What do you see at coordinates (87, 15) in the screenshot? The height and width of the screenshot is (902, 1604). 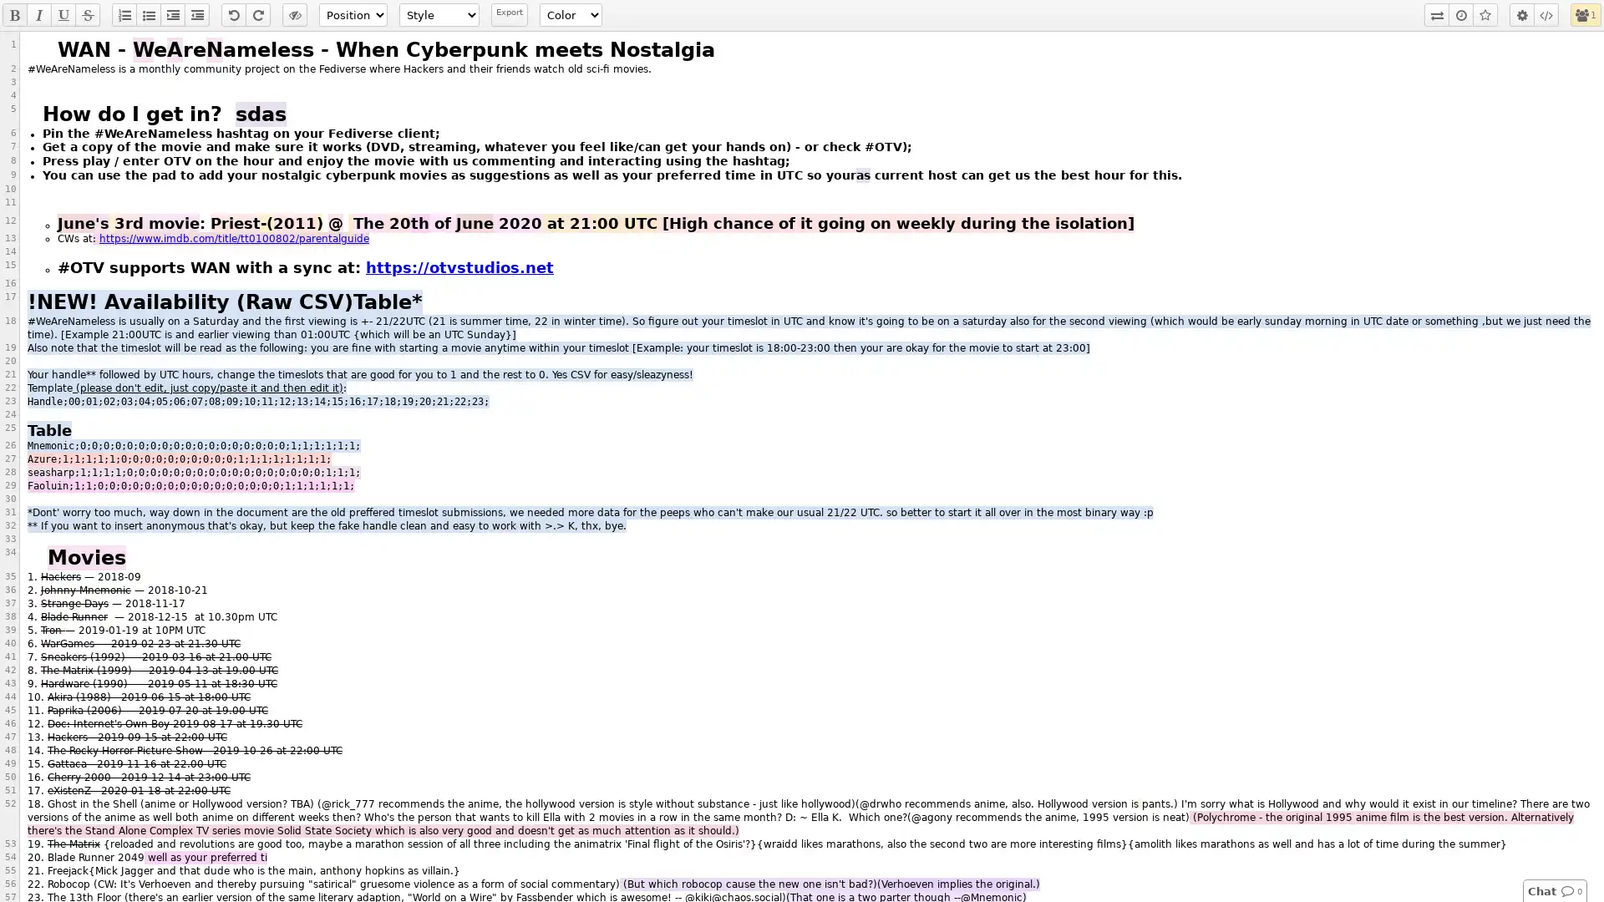 I see `Strikethrough (Ctrl+5)` at bounding box center [87, 15].